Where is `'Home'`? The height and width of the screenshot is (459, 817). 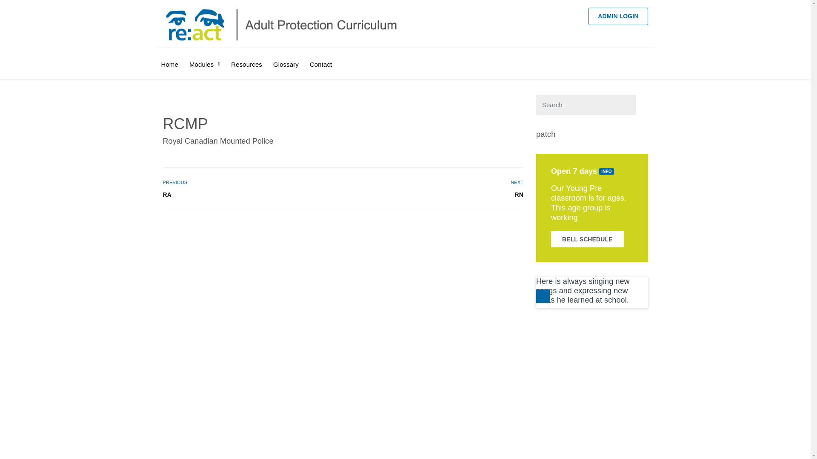 'Home' is located at coordinates (161, 58).